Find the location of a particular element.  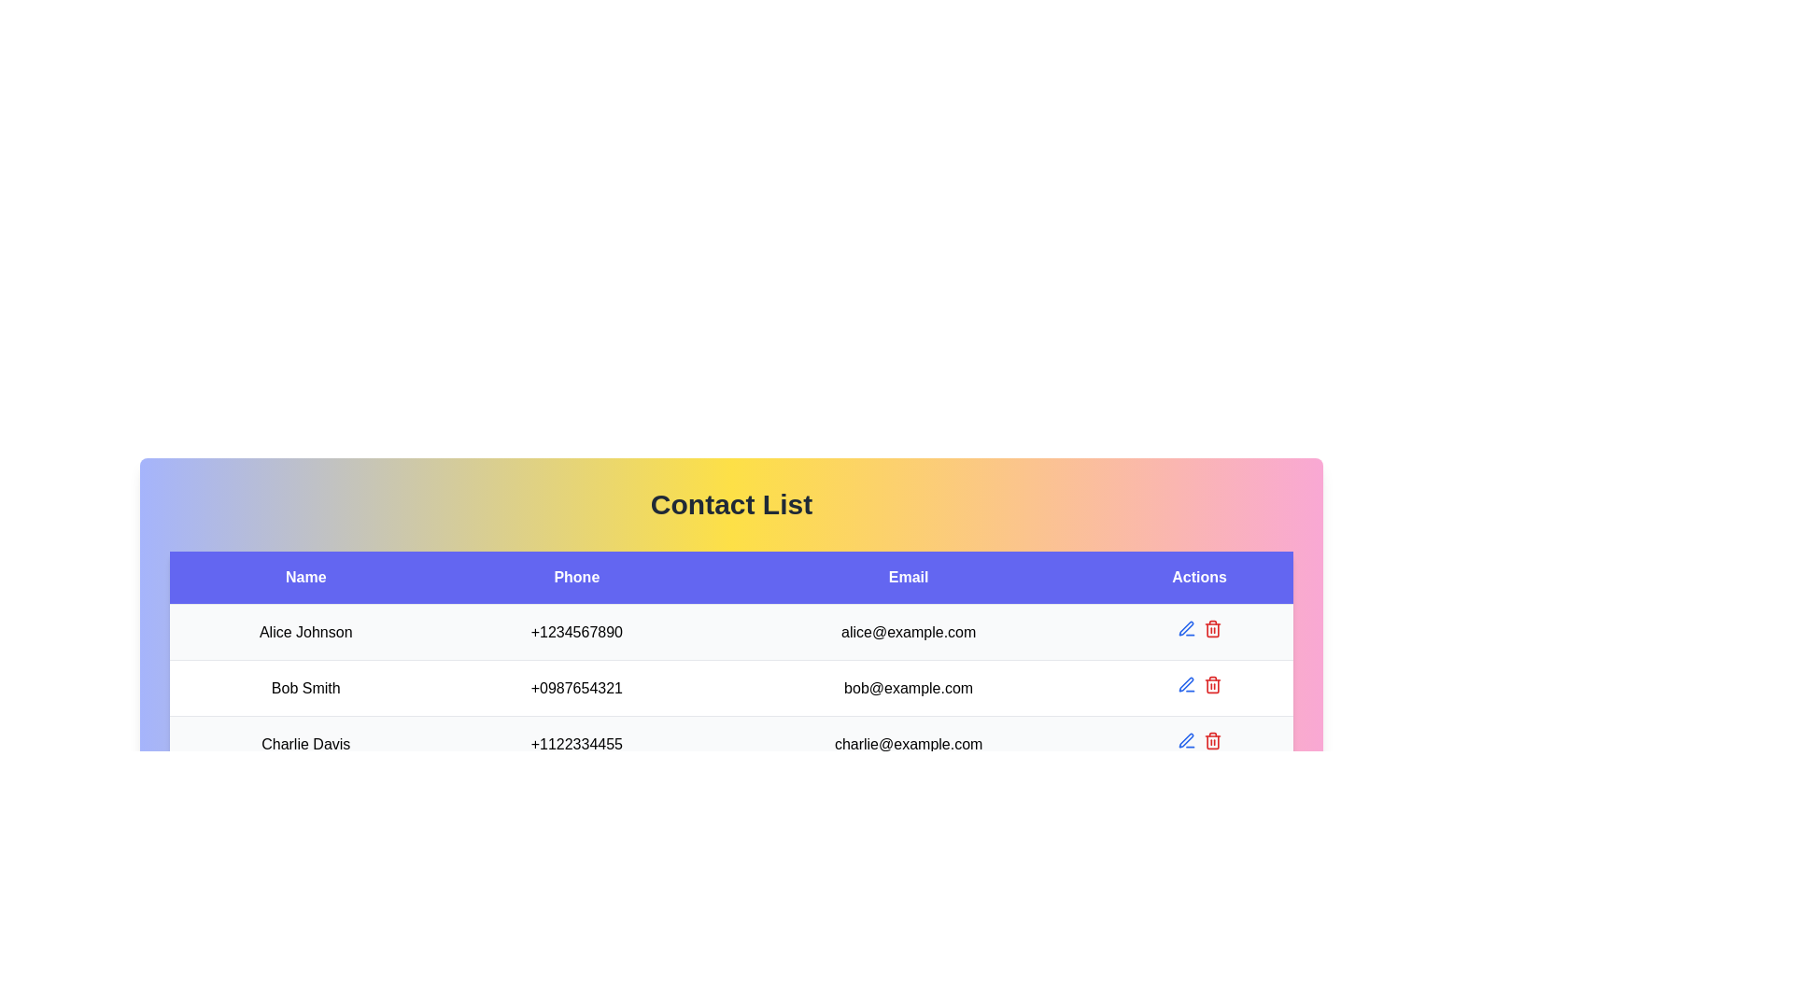

the 'Actions' table header cell, which is a rectangular region with a blue background and white text, to focus on it is located at coordinates (1199, 577).